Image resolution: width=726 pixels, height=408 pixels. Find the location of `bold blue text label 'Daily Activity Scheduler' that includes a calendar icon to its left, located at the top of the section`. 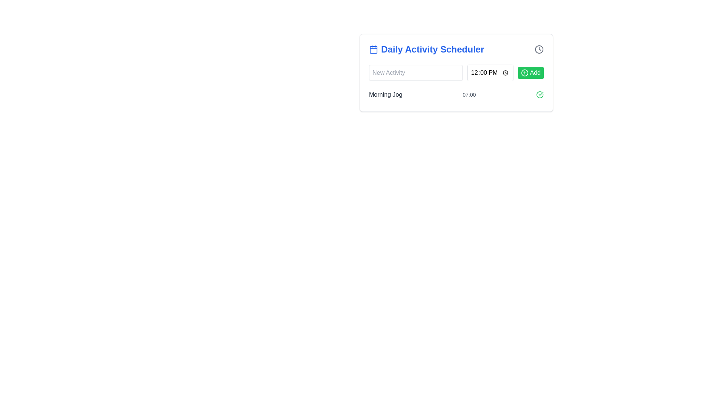

bold blue text label 'Daily Activity Scheduler' that includes a calendar icon to its left, located at the top of the section is located at coordinates (427, 49).